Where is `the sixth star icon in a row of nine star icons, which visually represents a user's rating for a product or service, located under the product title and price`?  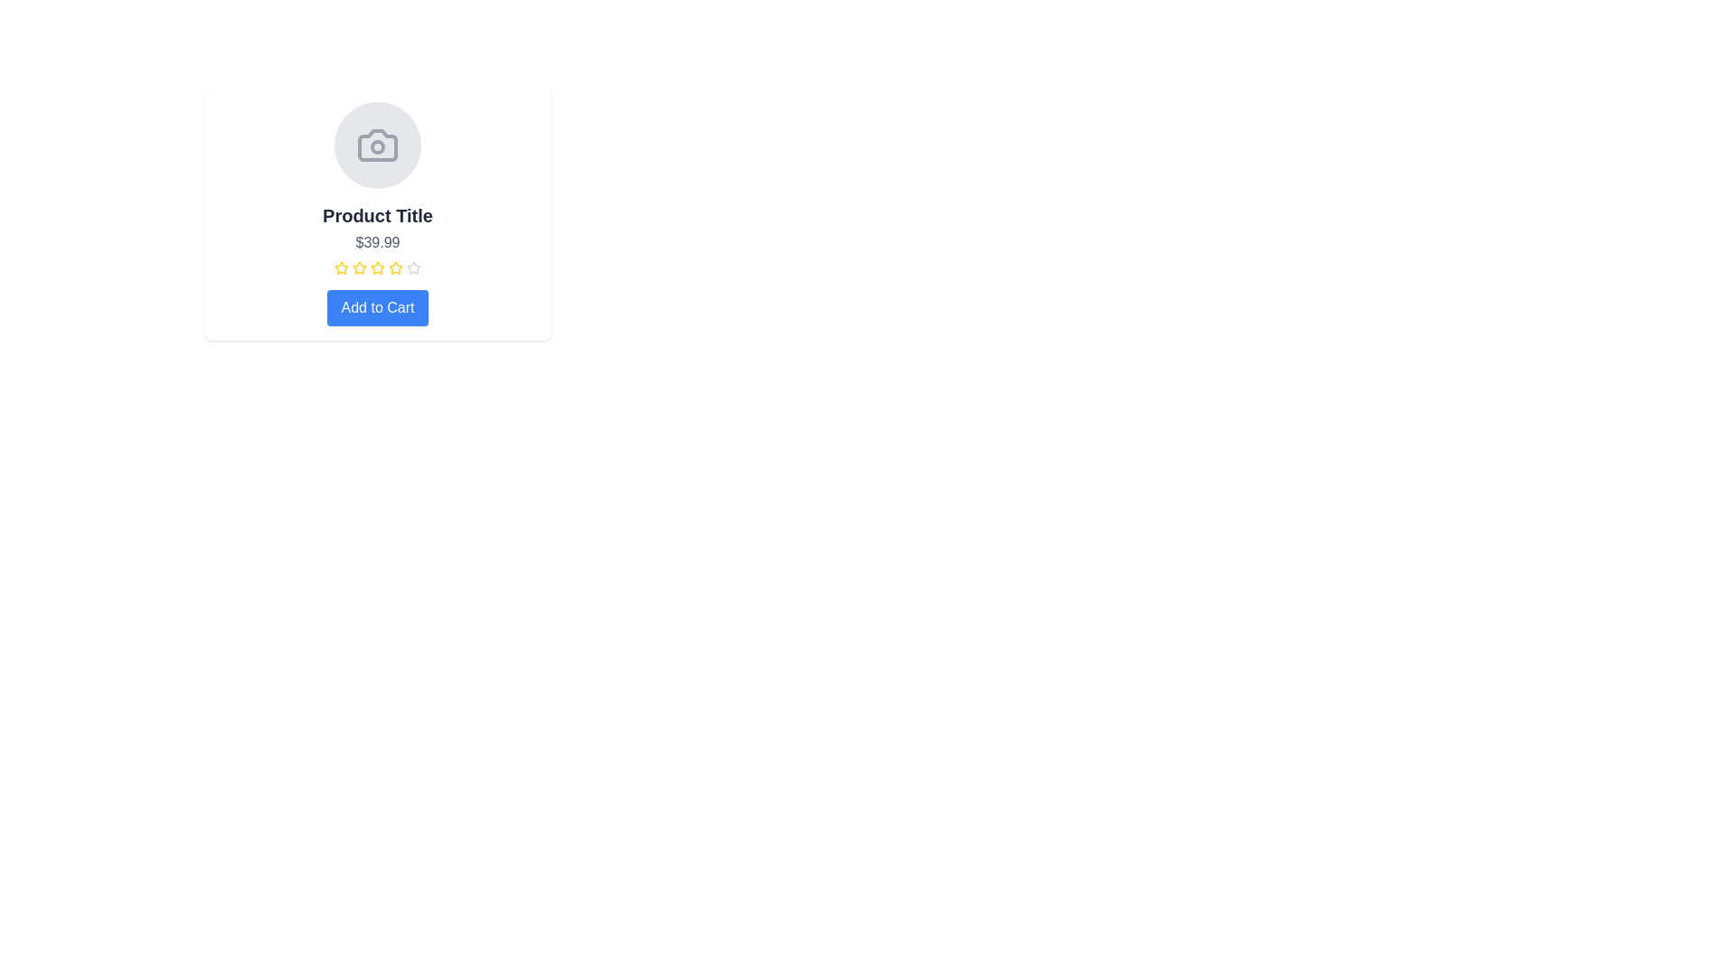
the sixth star icon in a row of nine star icons, which visually represents a user's rating for a product or service, located under the product title and price is located at coordinates (394, 268).